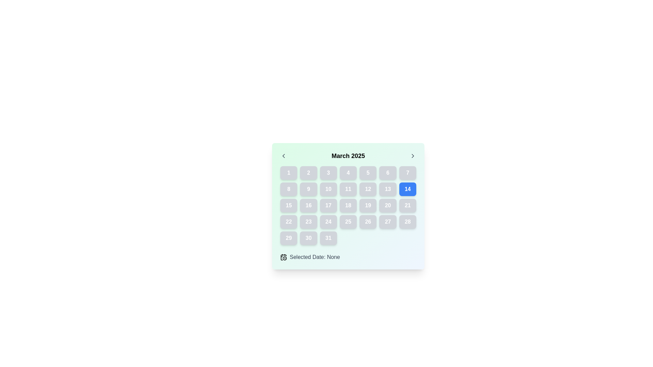 This screenshot has height=367, width=653. I want to click on the rectangular button displaying the number '1' with a light gray background, so click(289, 173).